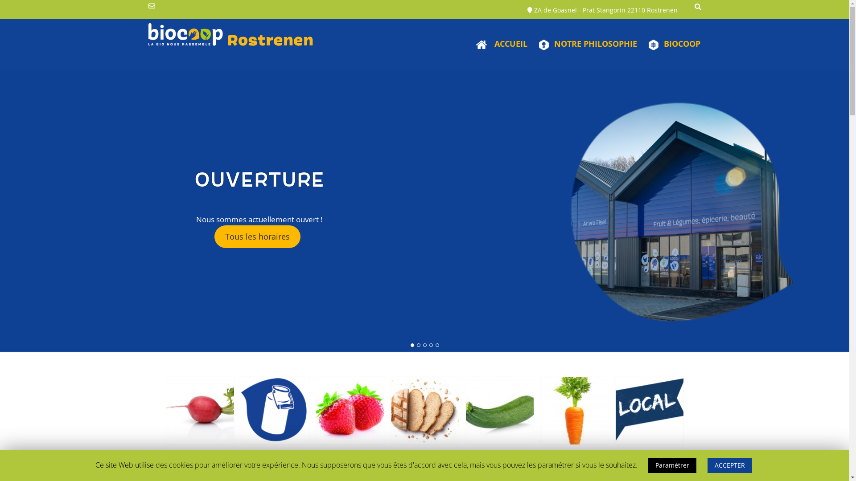 The width and height of the screenshot is (856, 481). What do you see at coordinates (639, 44) in the screenshot?
I see `'BIOCOOP'` at bounding box center [639, 44].